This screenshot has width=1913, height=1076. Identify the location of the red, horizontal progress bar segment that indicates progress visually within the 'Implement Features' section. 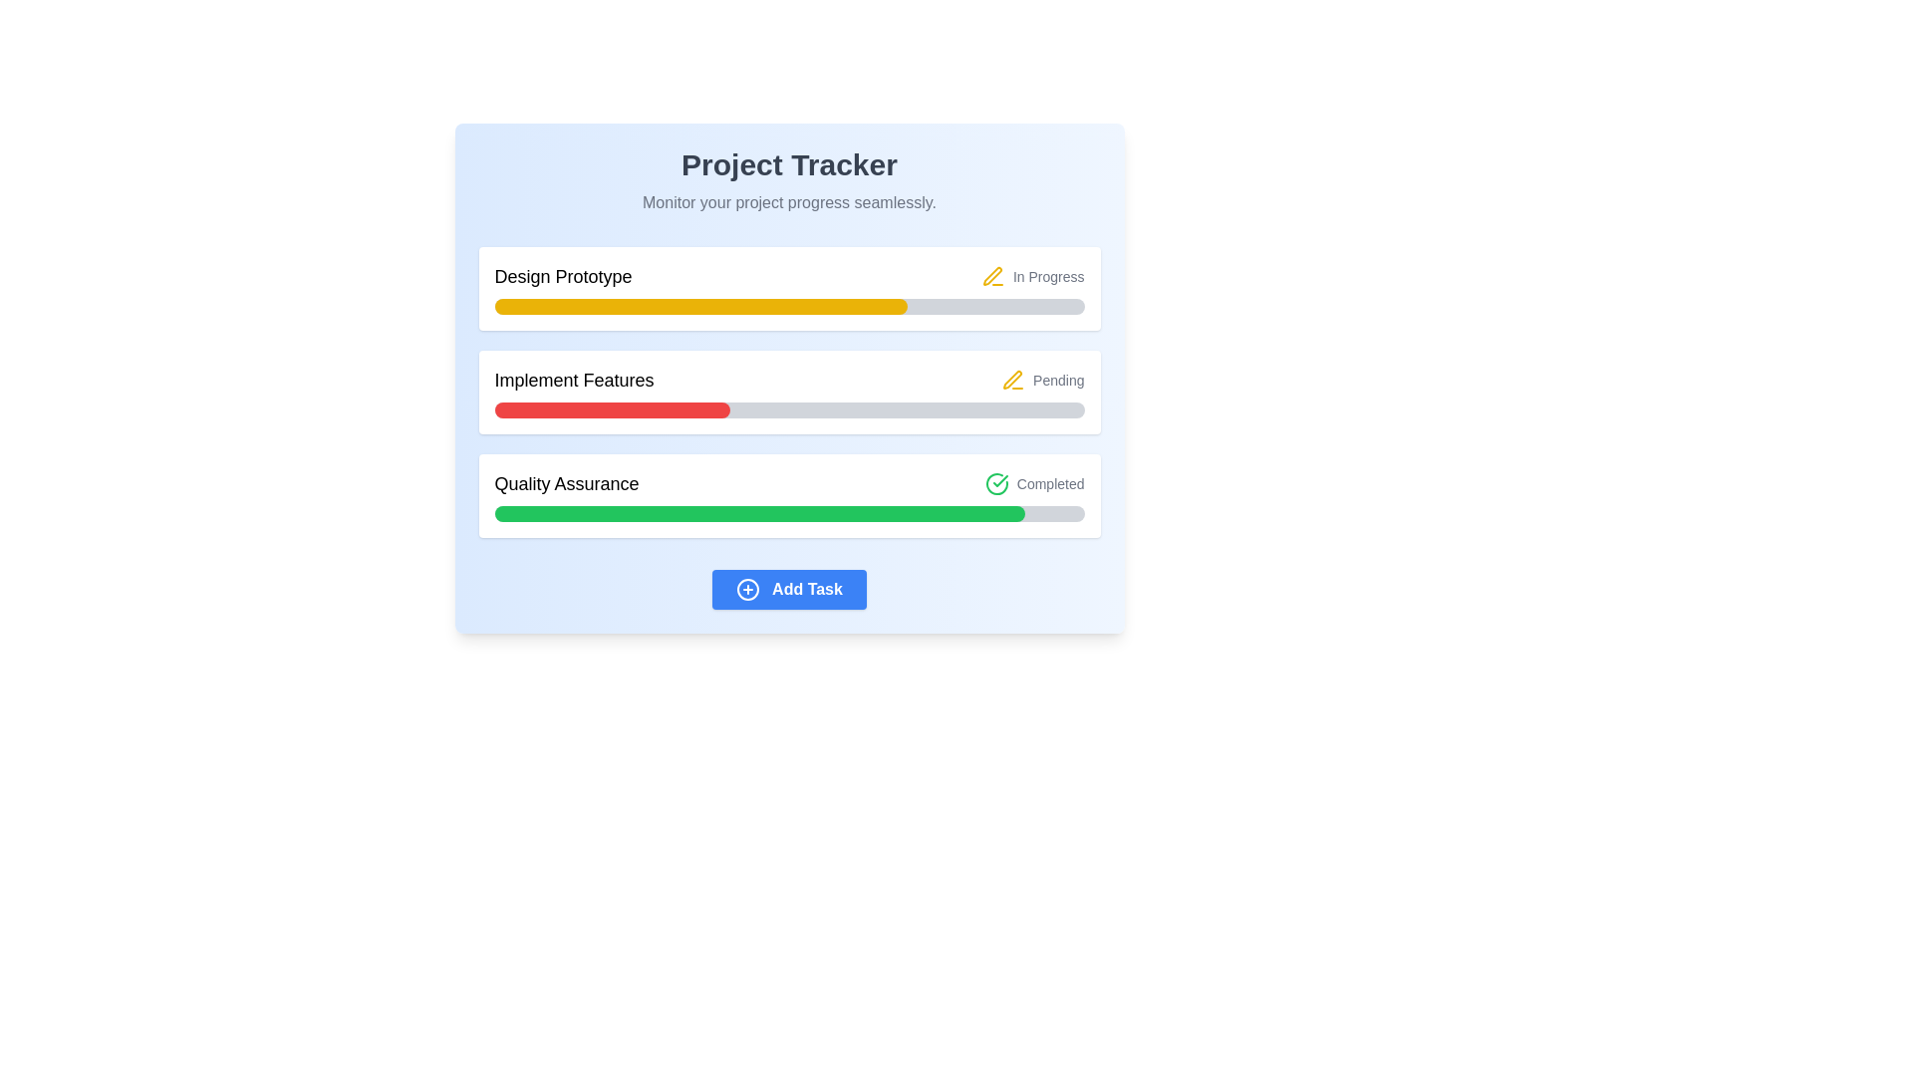
(611, 409).